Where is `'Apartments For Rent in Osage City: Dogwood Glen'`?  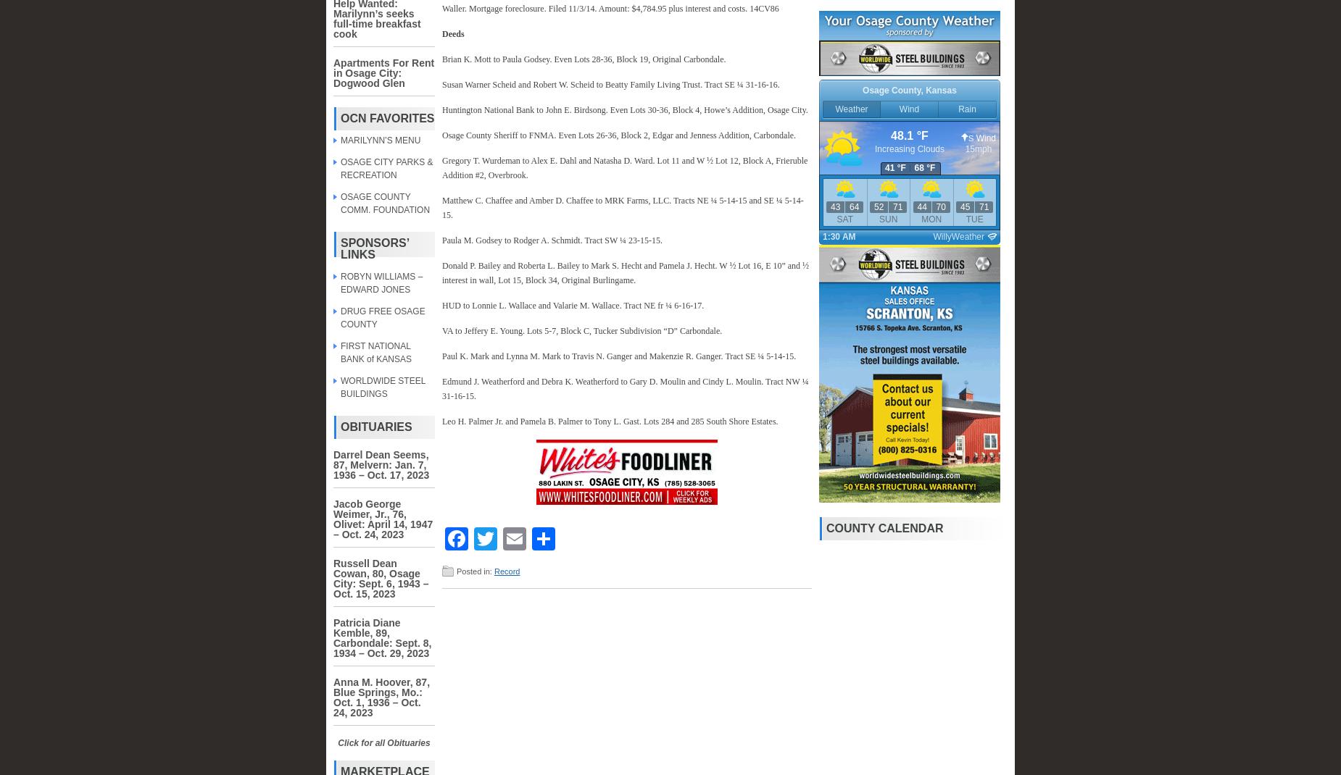 'Apartments For Rent in Osage City: Dogwood Glen' is located at coordinates (383, 73).